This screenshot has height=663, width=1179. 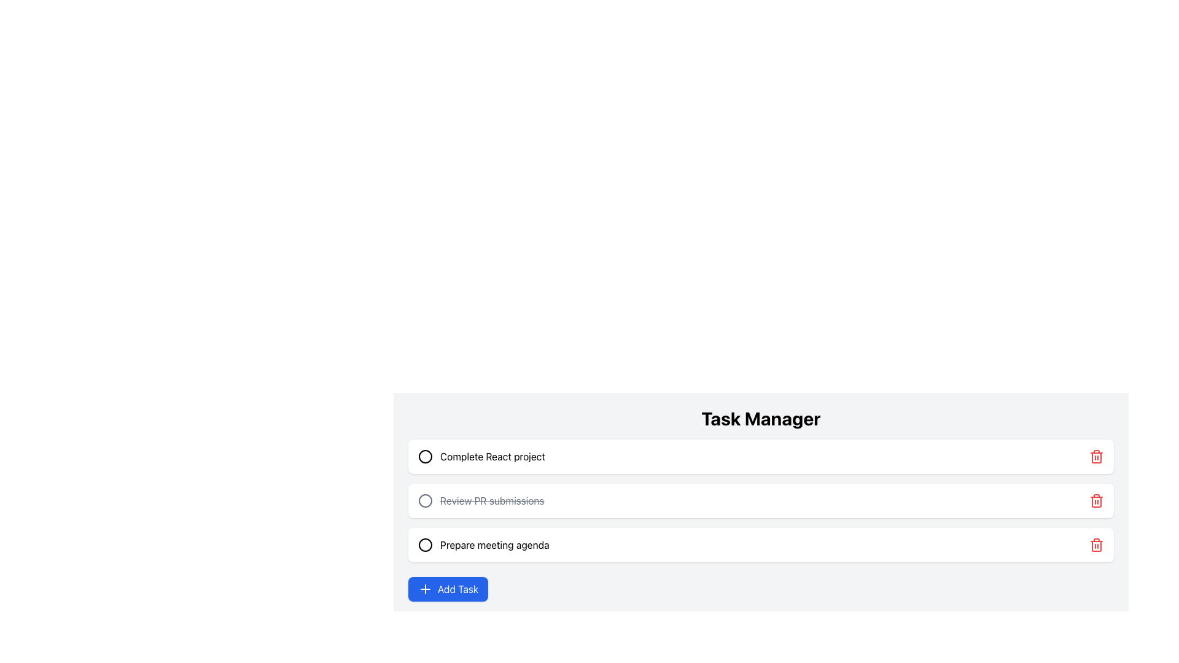 What do you see at coordinates (480, 501) in the screenshot?
I see `the second task item in the task management interface that displays the text 'Review PR submissions' and has an unselected checkbox to focus on it` at bounding box center [480, 501].